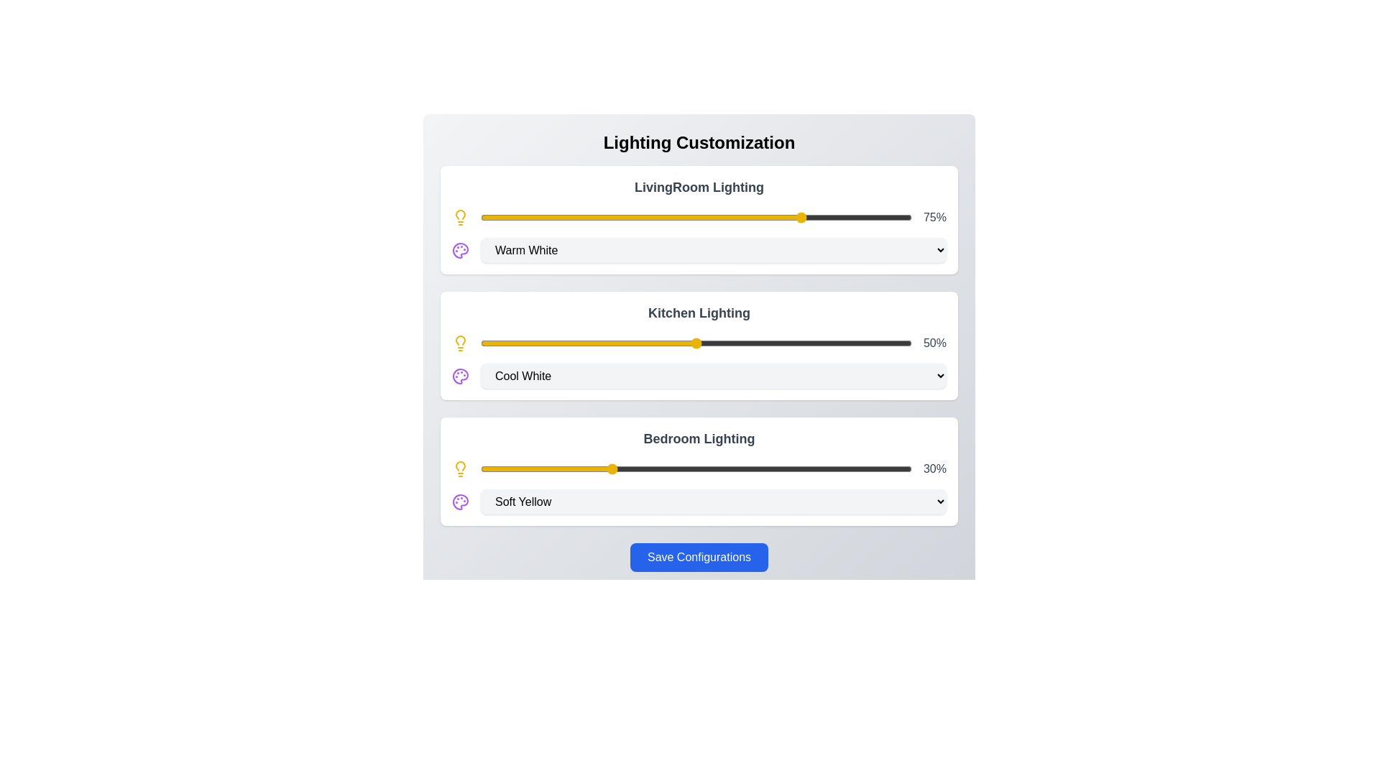 The width and height of the screenshot is (1380, 776). I want to click on the color Cool White from the dropdown menu of the kitchen lighting, so click(714, 375).